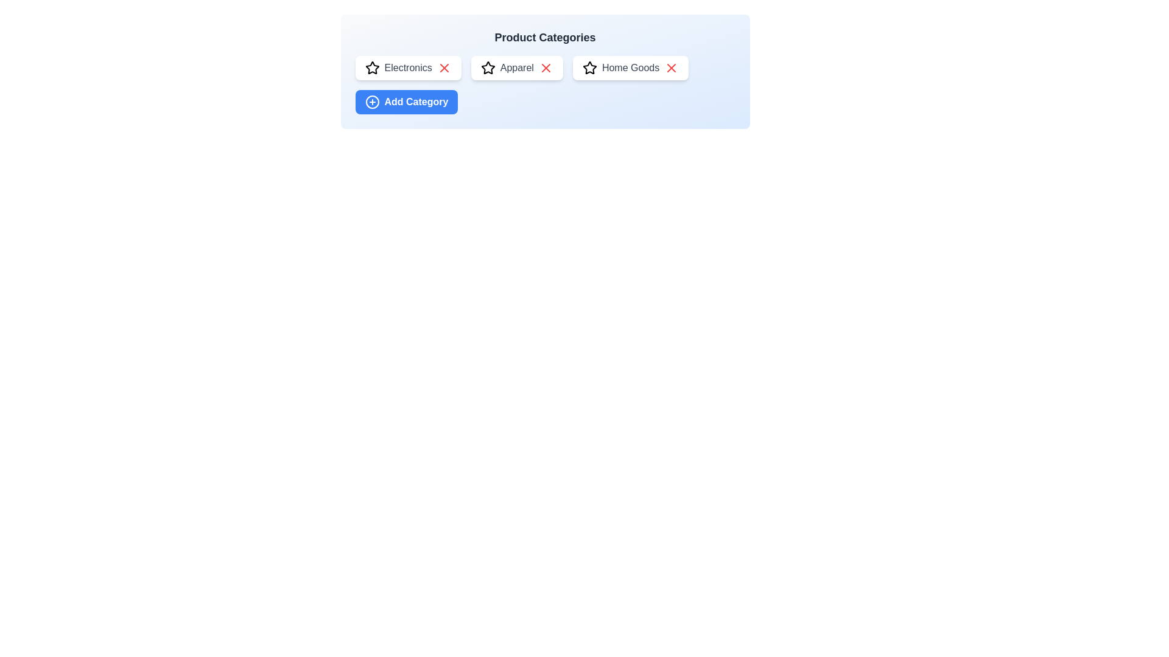 The image size is (1169, 657). Describe the element at coordinates (545, 68) in the screenshot. I see `'X' icon next to the Apparel category to remove it` at that location.